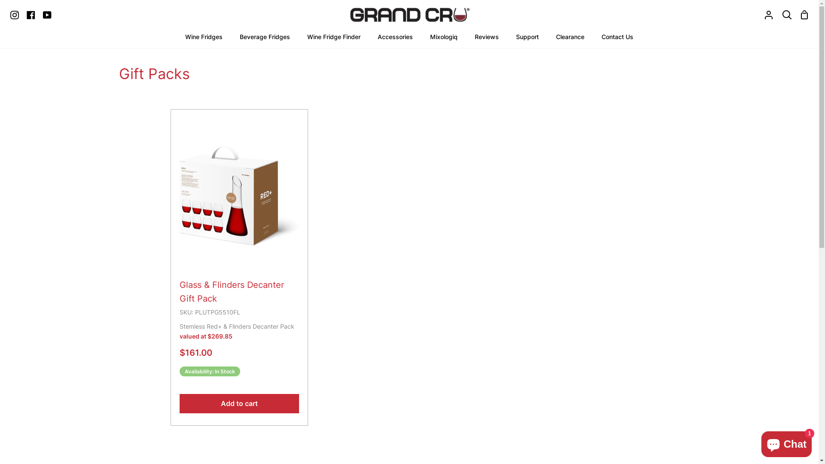 This screenshot has width=825, height=464. What do you see at coordinates (769, 15) in the screenshot?
I see `'My Account'` at bounding box center [769, 15].